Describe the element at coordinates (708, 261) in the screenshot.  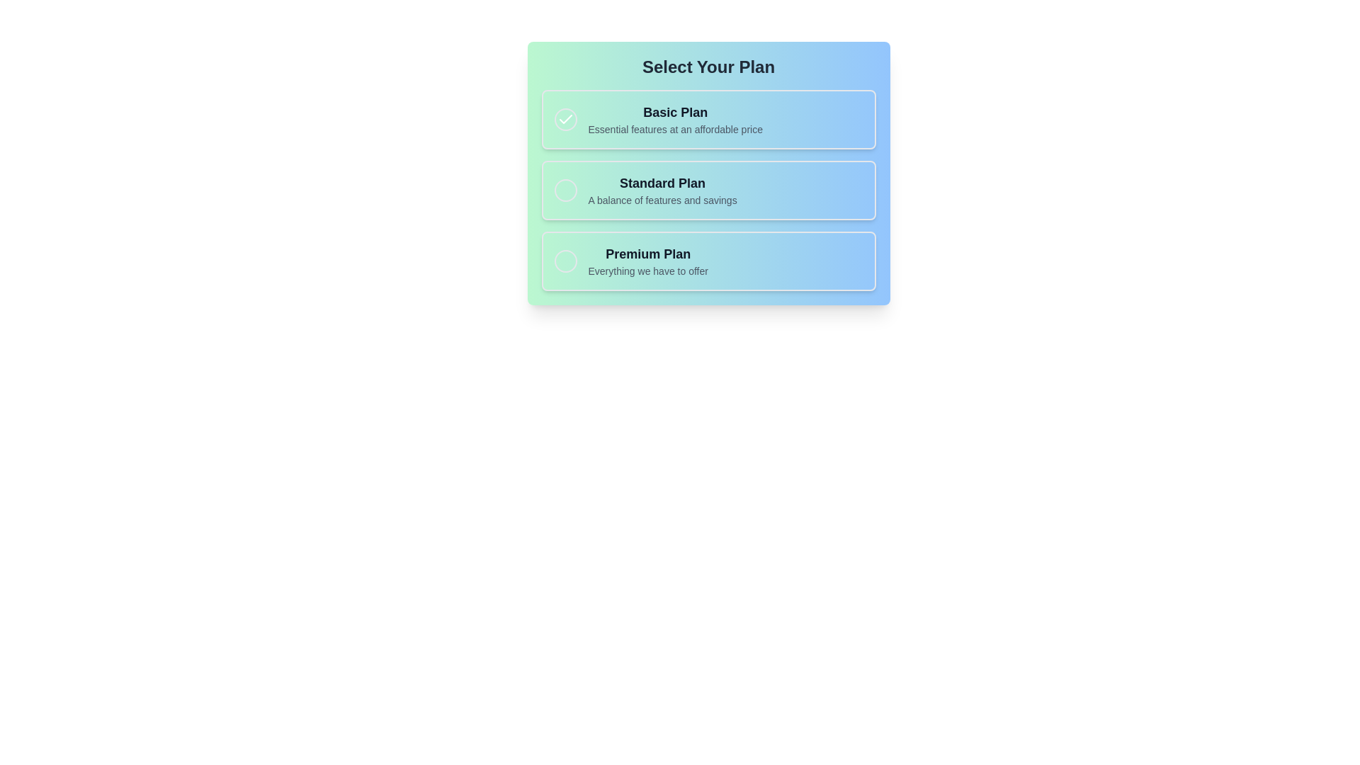
I see `the selectable card for the Premium subscription plan, which is the last option in a vertical list of three plans` at that location.